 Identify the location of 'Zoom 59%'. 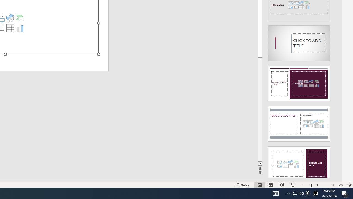
(341, 185).